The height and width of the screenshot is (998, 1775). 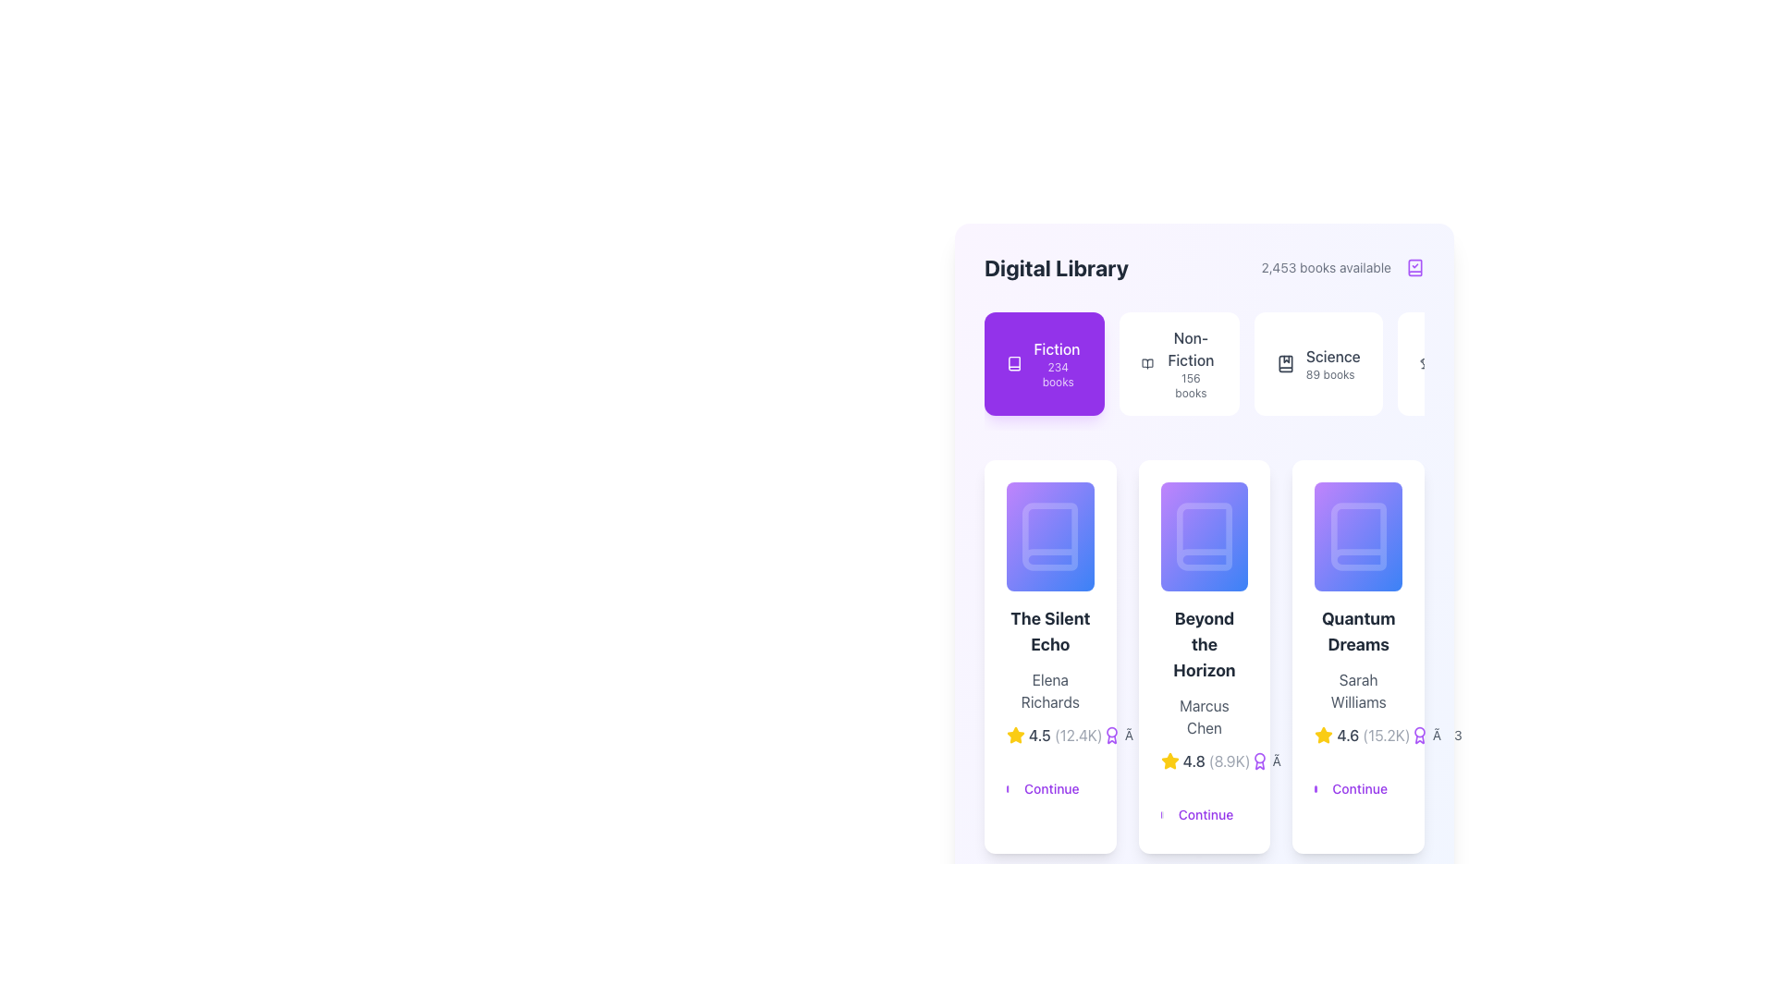 I want to click on the Static Text Display showing '4.6', which is located within the card for 'Quantum Dreams' in the 'Digital Library' interface, so click(x=1348, y=735).